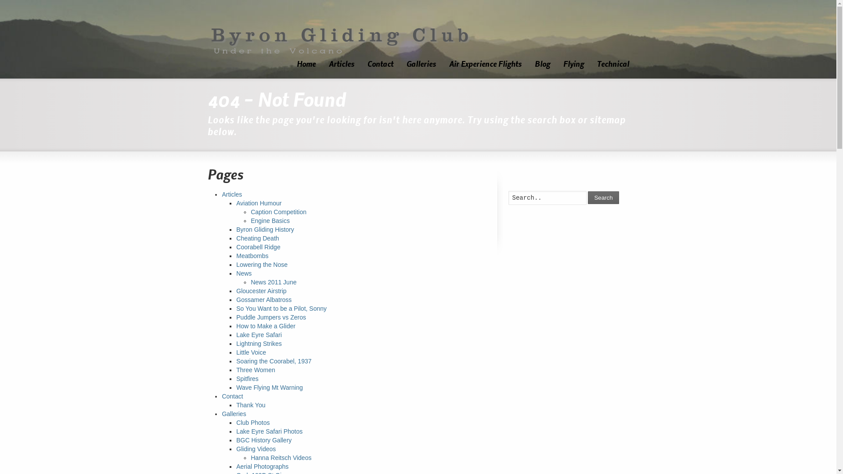 The image size is (843, 474). What do you see at coordinates (244, 273) in the screenshot?
I see `'News'` at bounding box center [244, 273].